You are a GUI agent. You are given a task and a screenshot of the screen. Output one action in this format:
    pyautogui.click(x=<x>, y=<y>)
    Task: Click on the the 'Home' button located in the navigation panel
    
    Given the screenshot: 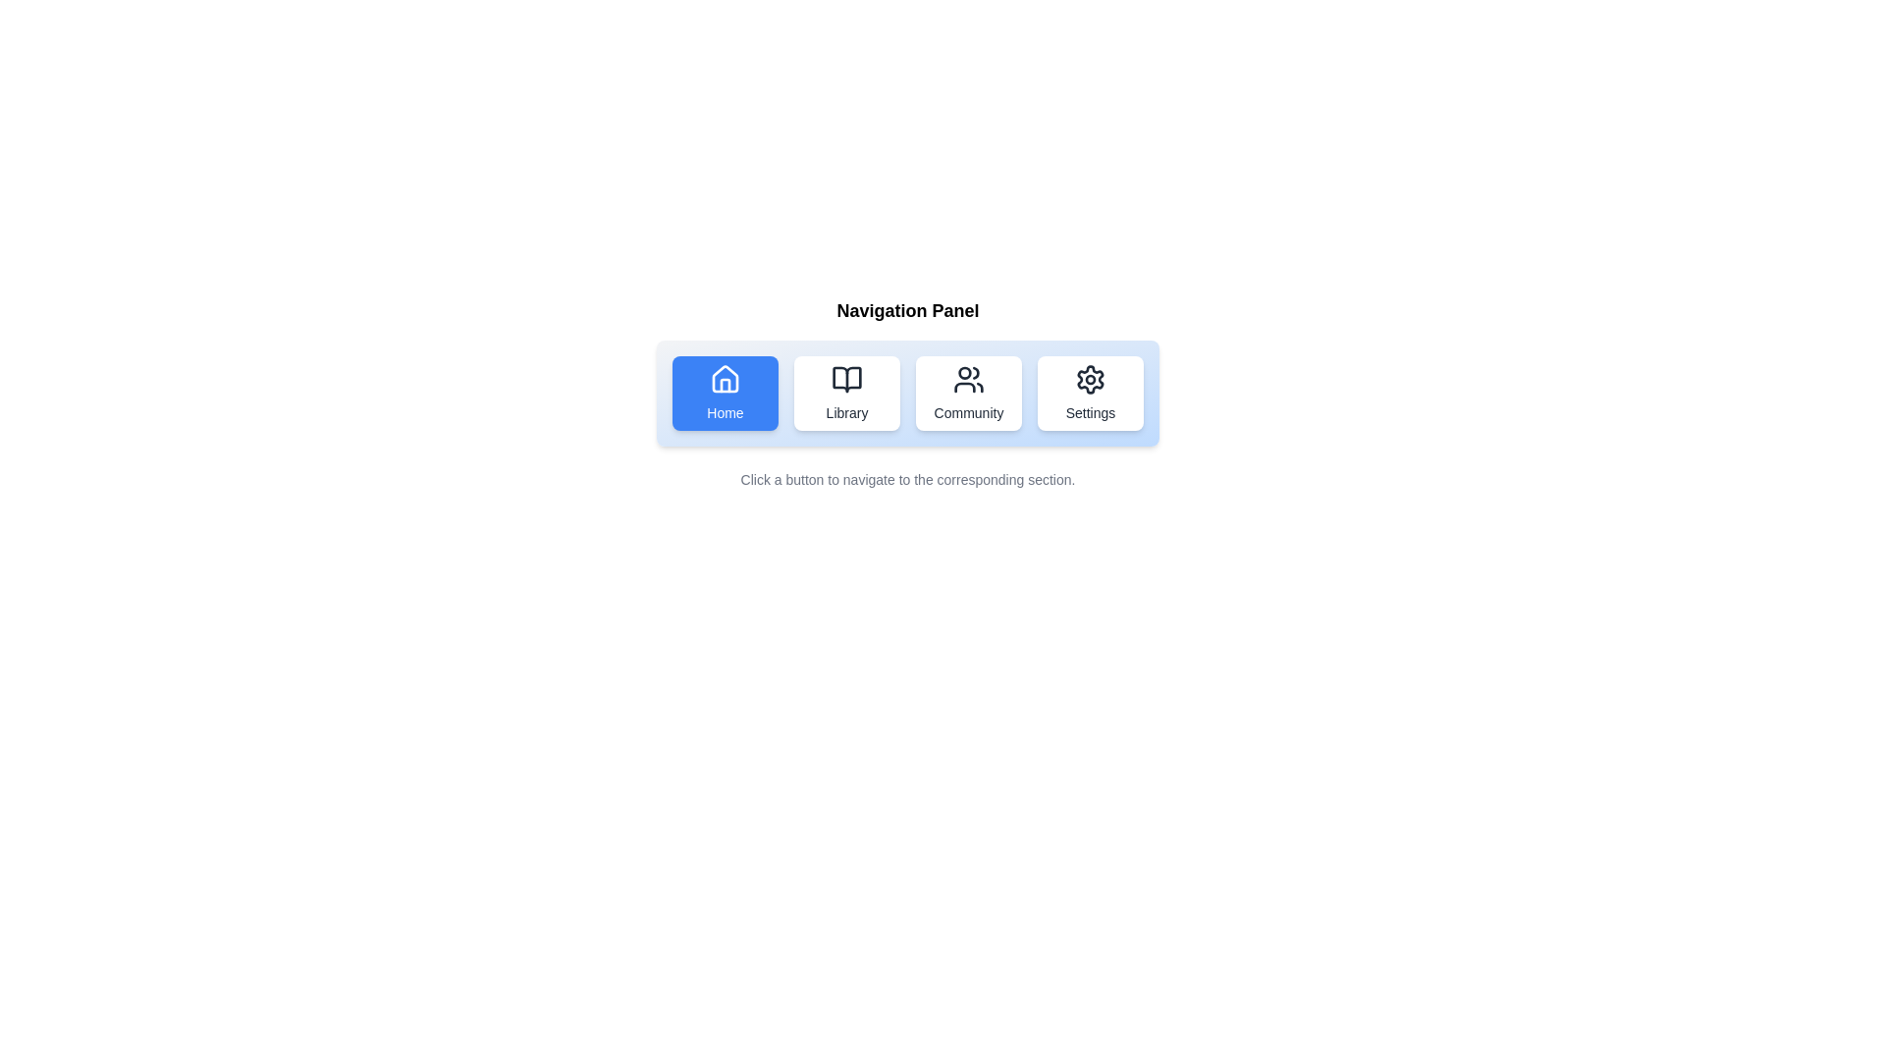 What is the action you would take?
    pyautogui.click(x=725, y=394)
    